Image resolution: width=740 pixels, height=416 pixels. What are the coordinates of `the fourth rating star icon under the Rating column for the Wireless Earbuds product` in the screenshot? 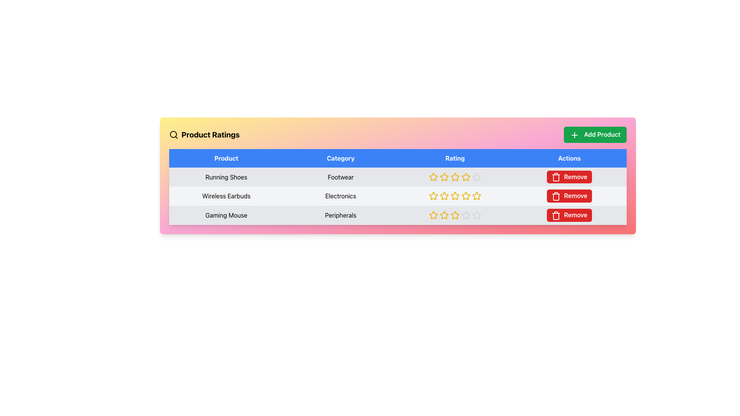 It's located at (476, 195).